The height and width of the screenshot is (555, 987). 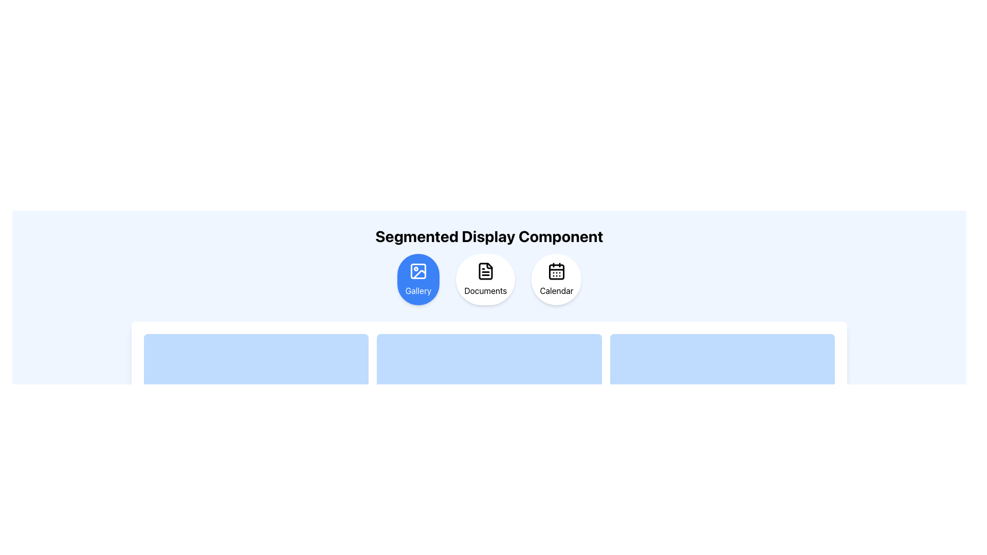 What do you see at coordinates (485, 271) in the screenshot?
I see `the 'Documents' icon, which is located between the 'Gallery' and 'Calendar' buttons in the top section of the interface` at bounding box center [485, 271].